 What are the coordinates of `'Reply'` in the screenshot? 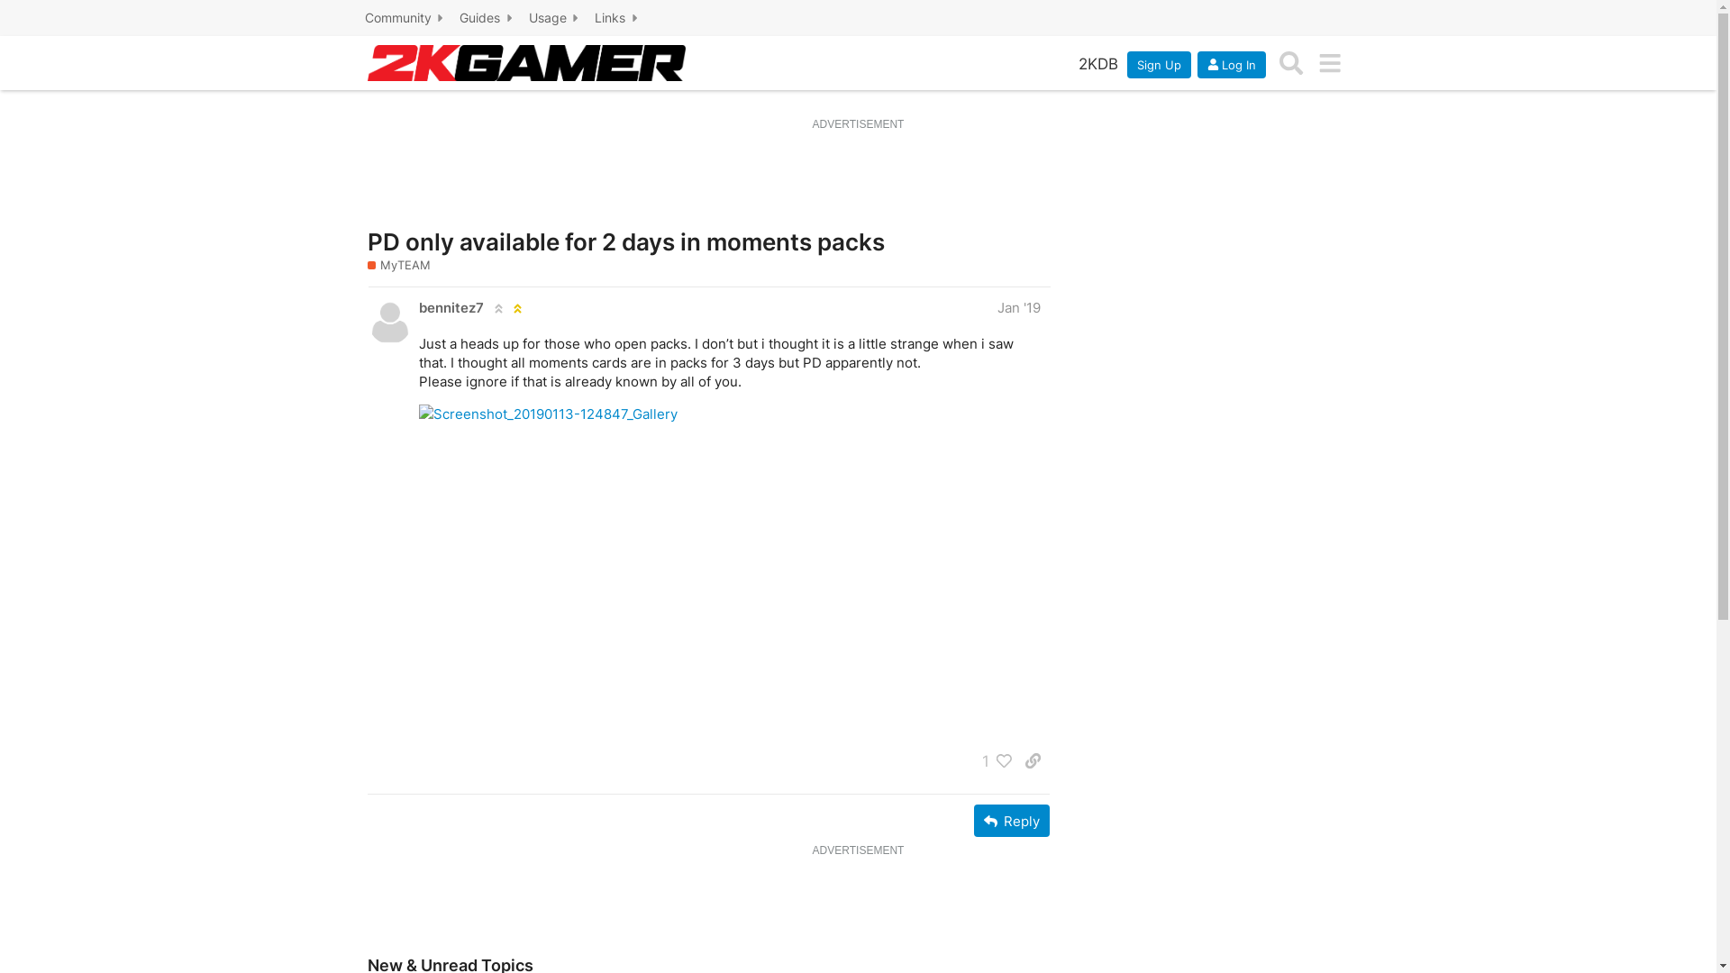 It's located at (1011, 820).